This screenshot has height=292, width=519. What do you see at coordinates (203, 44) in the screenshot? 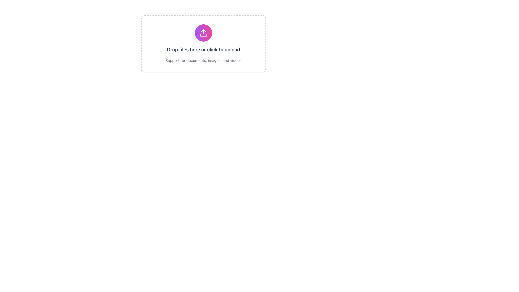
I see `and drop files onto the File upload box, which is a rectangular area with a dashed border and a gradient circular icon with an upward arrow, accompanied by the text 'Drop files here or click` at bounding box center [203, 44].